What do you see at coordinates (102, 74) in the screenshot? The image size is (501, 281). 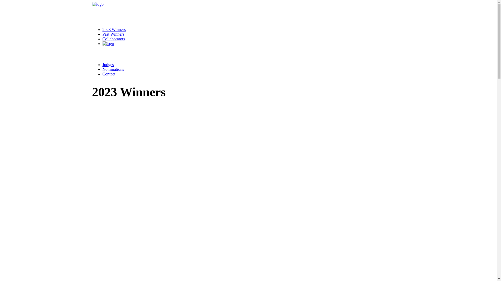 I see `'Contact'` at bounding box center [102, 74].